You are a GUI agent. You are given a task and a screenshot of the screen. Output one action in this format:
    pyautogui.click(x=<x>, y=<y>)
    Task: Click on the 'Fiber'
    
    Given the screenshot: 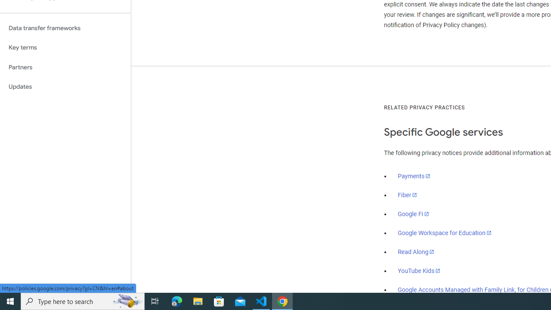 What is the action you would take?
    pyautogui.click(x=407, y=195)
    